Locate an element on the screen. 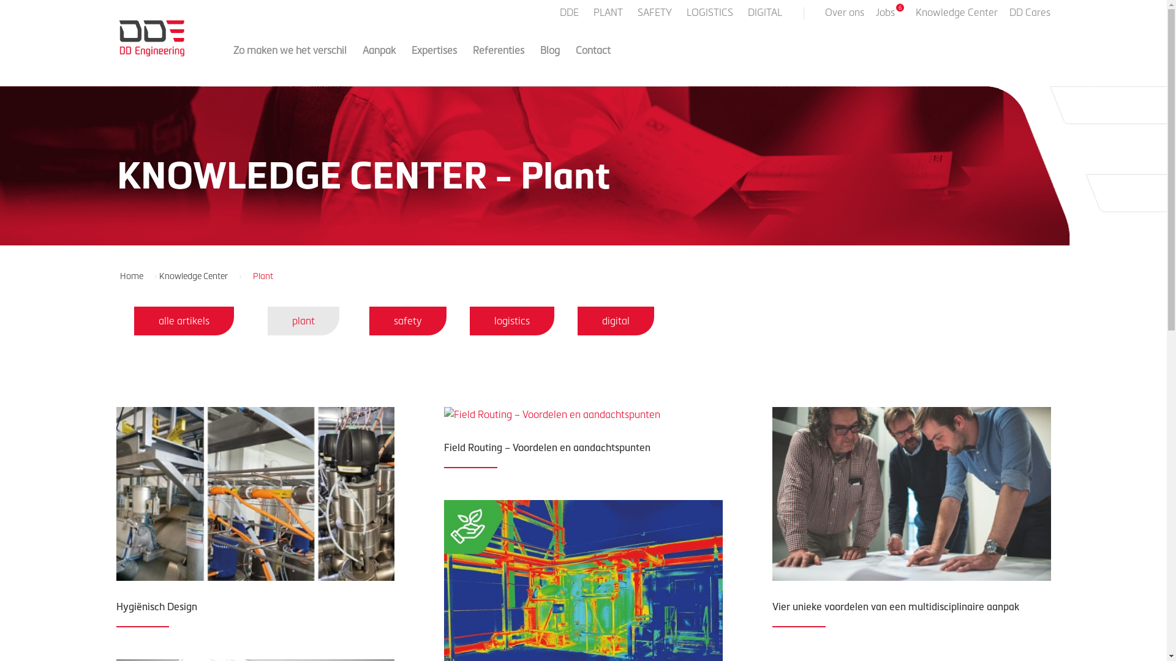  'LOGISTICS' is located at coordinates (710, 16).